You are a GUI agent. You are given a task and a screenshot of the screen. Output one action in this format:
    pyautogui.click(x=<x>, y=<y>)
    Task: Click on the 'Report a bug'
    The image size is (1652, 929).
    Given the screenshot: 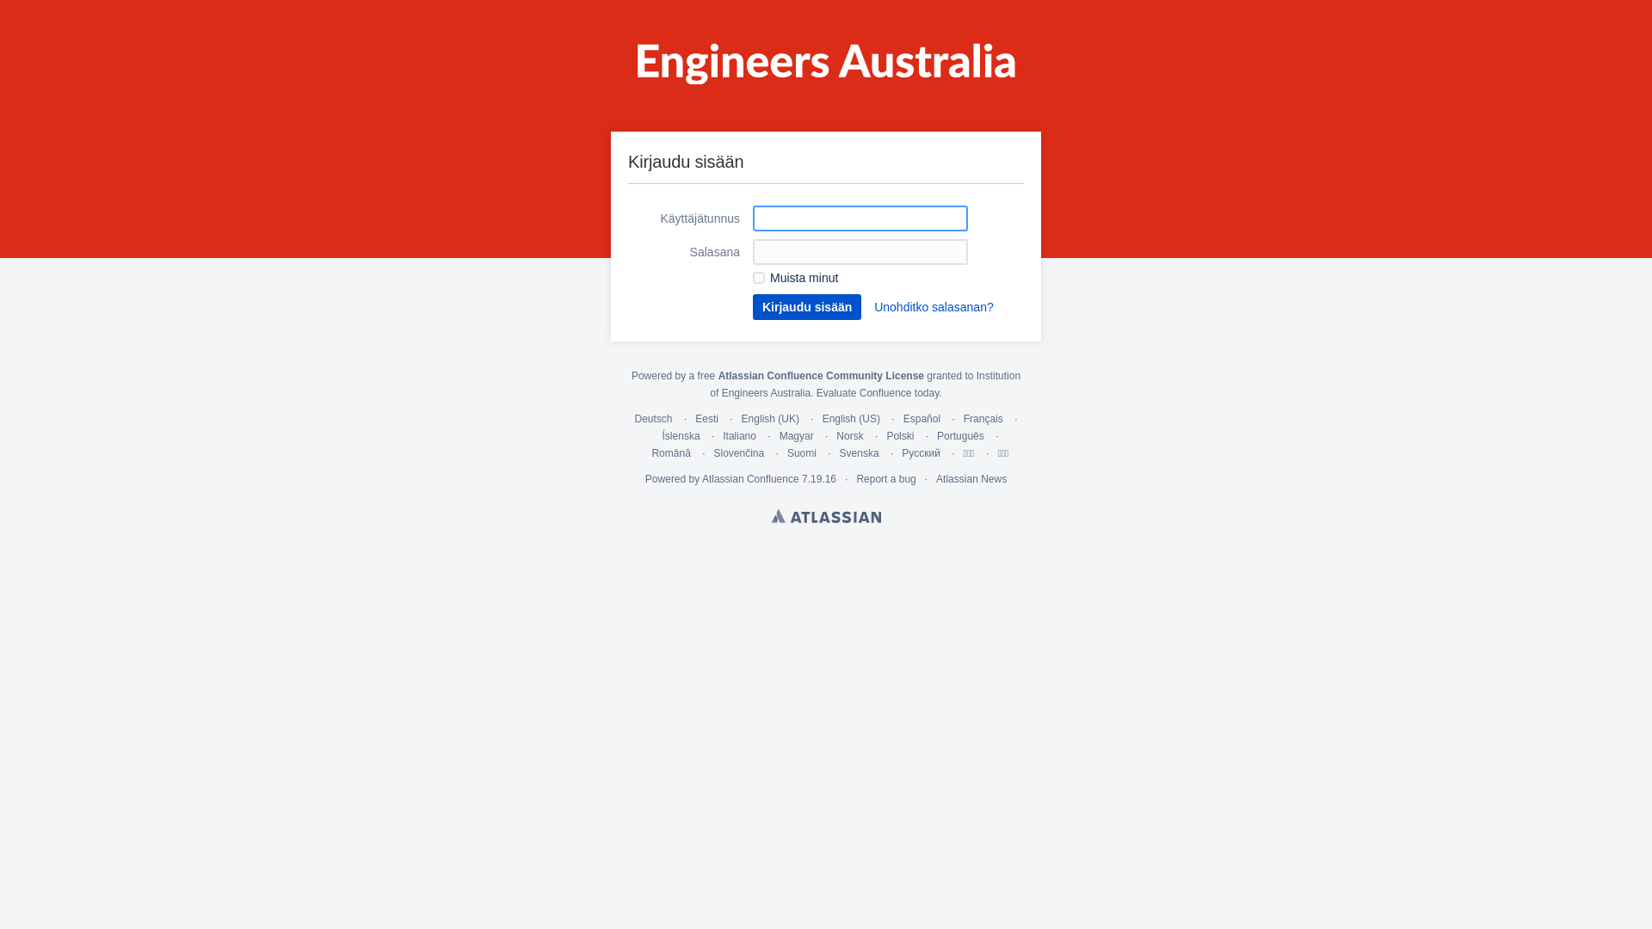 What is the action you would take?
    pyautogui.click(x=885, y=478)
    